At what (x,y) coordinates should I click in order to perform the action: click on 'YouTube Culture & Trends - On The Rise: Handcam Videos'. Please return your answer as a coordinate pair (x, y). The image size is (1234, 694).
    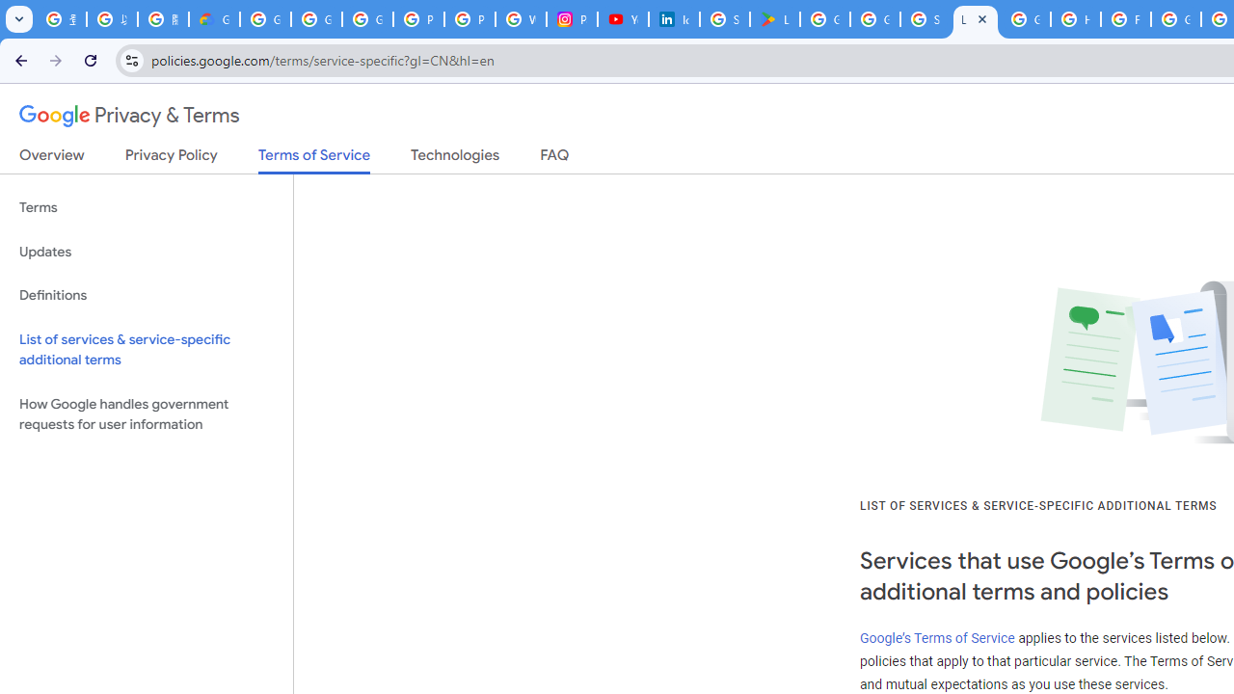
    Looking at the image, I should click on (623, 19).